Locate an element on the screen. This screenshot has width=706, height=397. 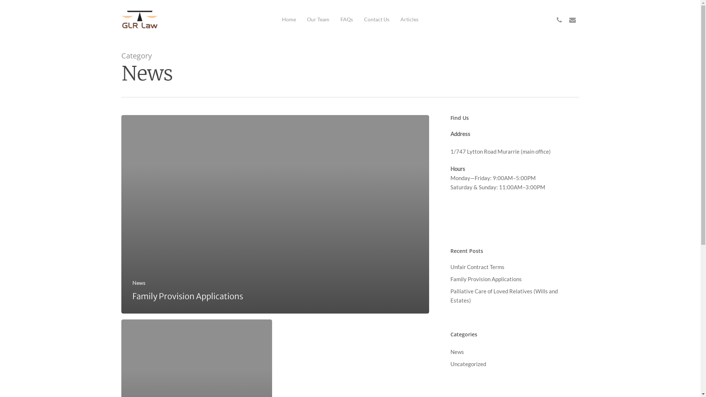
'Our Team' is located at coordinates (307, 19).